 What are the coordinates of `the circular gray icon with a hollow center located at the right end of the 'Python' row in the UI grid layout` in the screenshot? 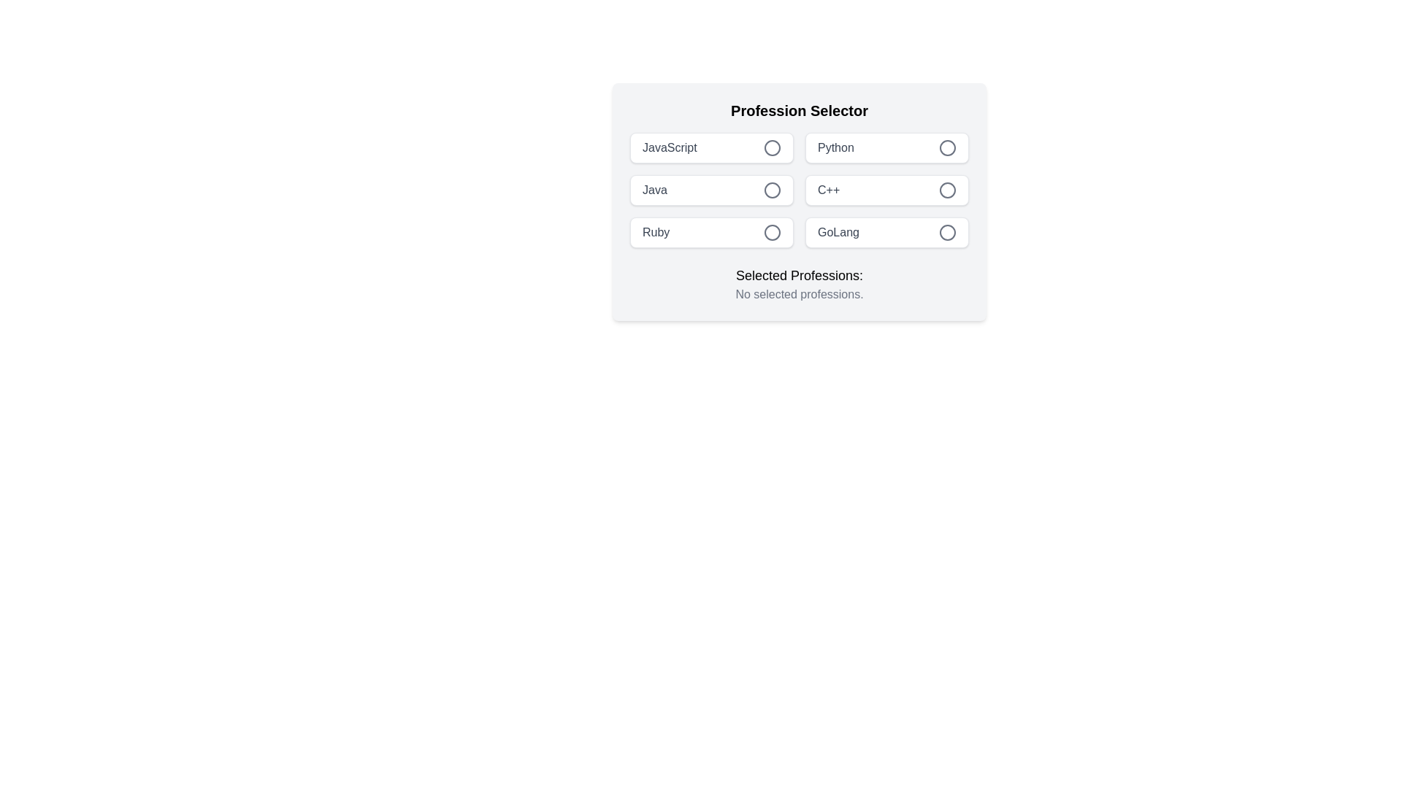 It's located at (947, 148).